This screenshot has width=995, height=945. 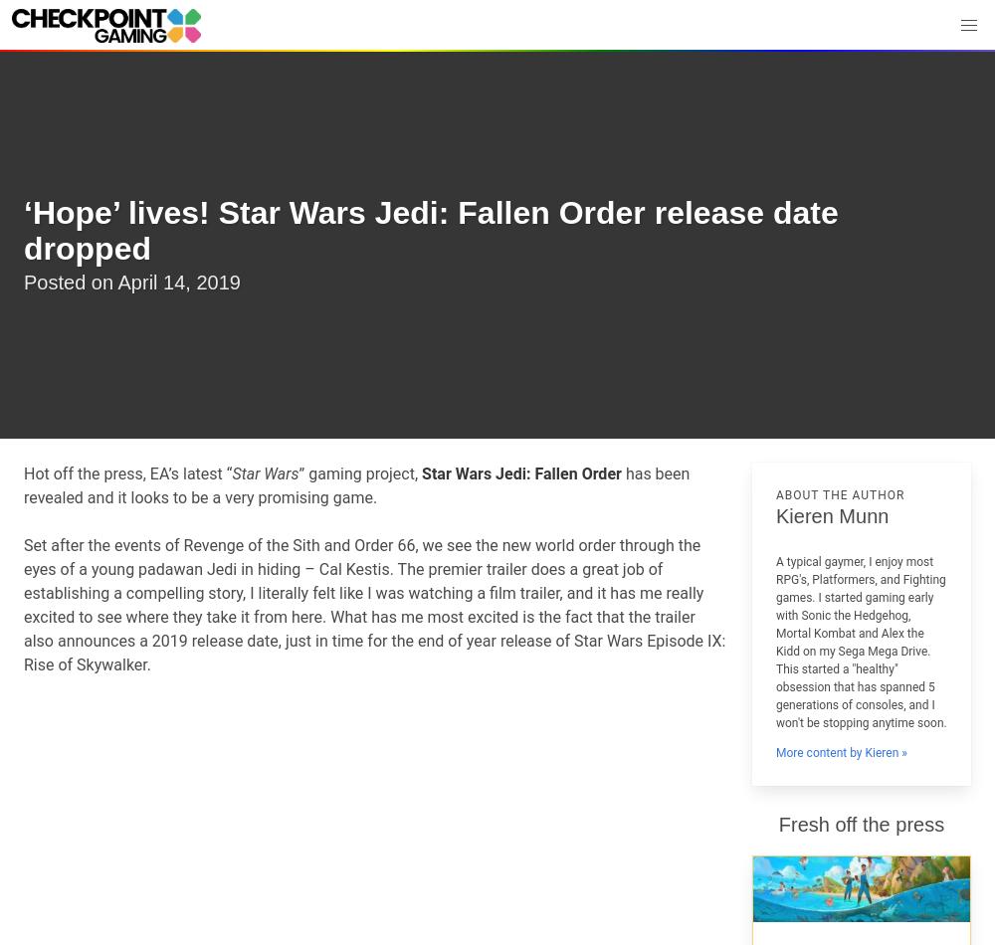 What do you see at coordinates (24, 473) in the screenshot?
I see `'Hot off the press, EA’s latest “'` at bounding box center [24, 473].